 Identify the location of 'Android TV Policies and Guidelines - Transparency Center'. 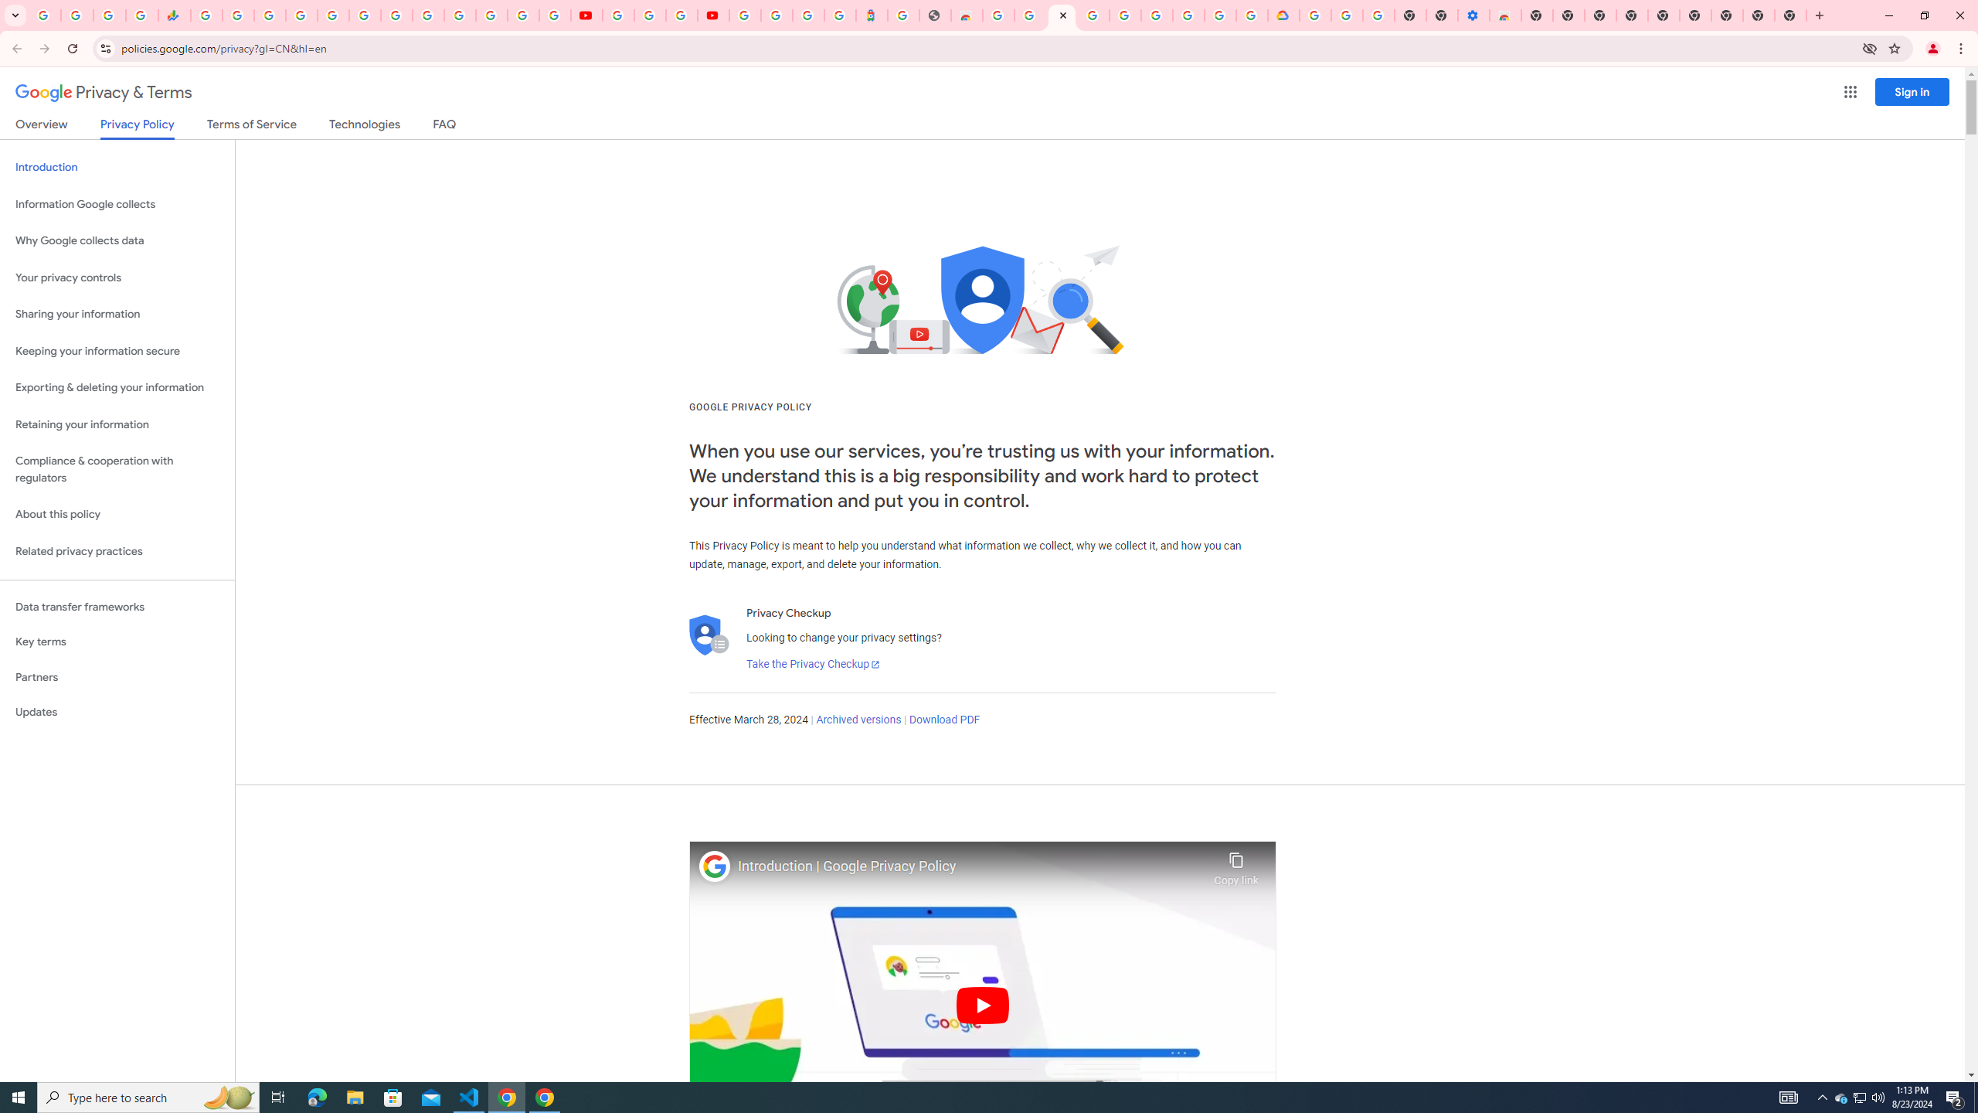
(396, 15).